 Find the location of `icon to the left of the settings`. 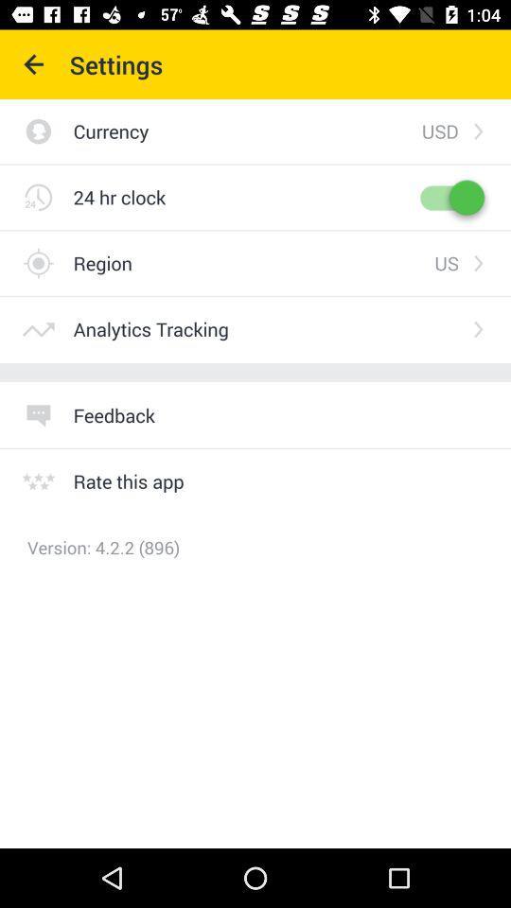

icon to the left of the settings is located at coordinates (34, 64).